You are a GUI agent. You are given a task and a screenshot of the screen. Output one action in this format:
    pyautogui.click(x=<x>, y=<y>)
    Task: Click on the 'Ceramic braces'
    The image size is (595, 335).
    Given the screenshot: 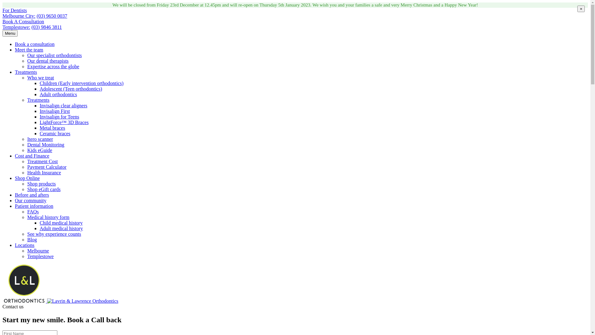 What is the action you would take?
    pyautogui.click(x=55, y=133)
    